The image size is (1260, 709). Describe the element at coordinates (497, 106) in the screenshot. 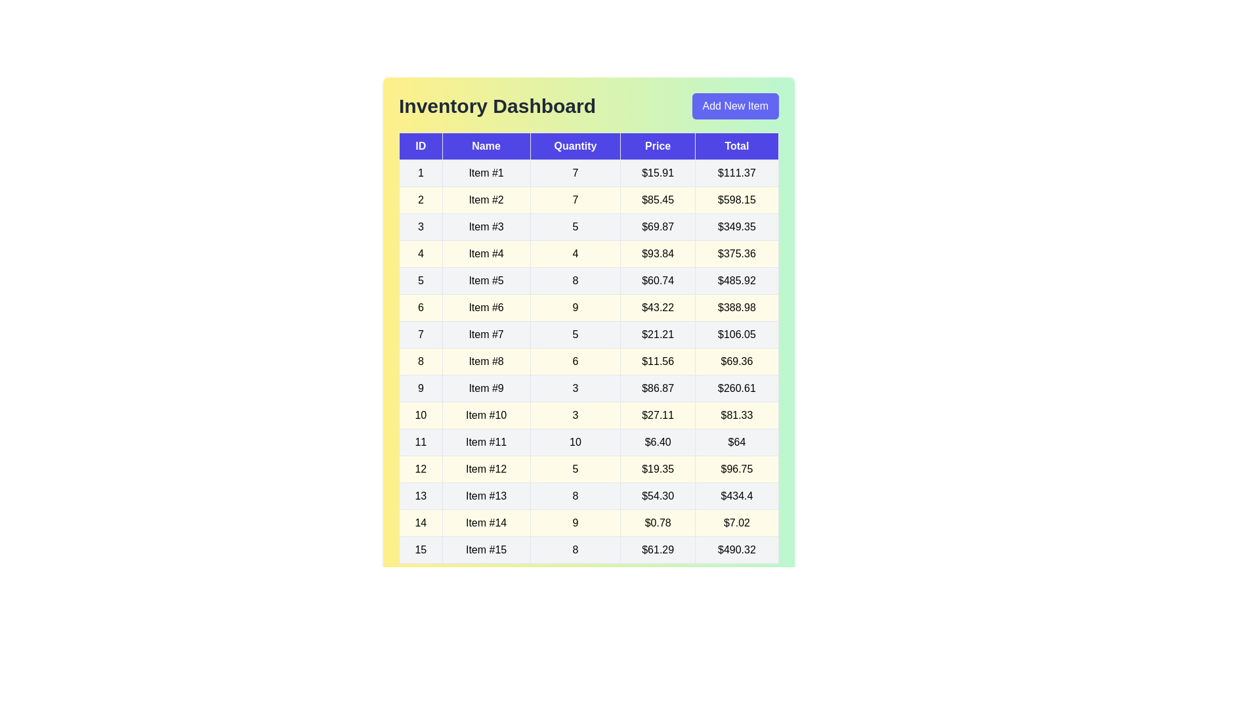

I see `the header text 'Inventory Dashboard' for inspection` at that location.